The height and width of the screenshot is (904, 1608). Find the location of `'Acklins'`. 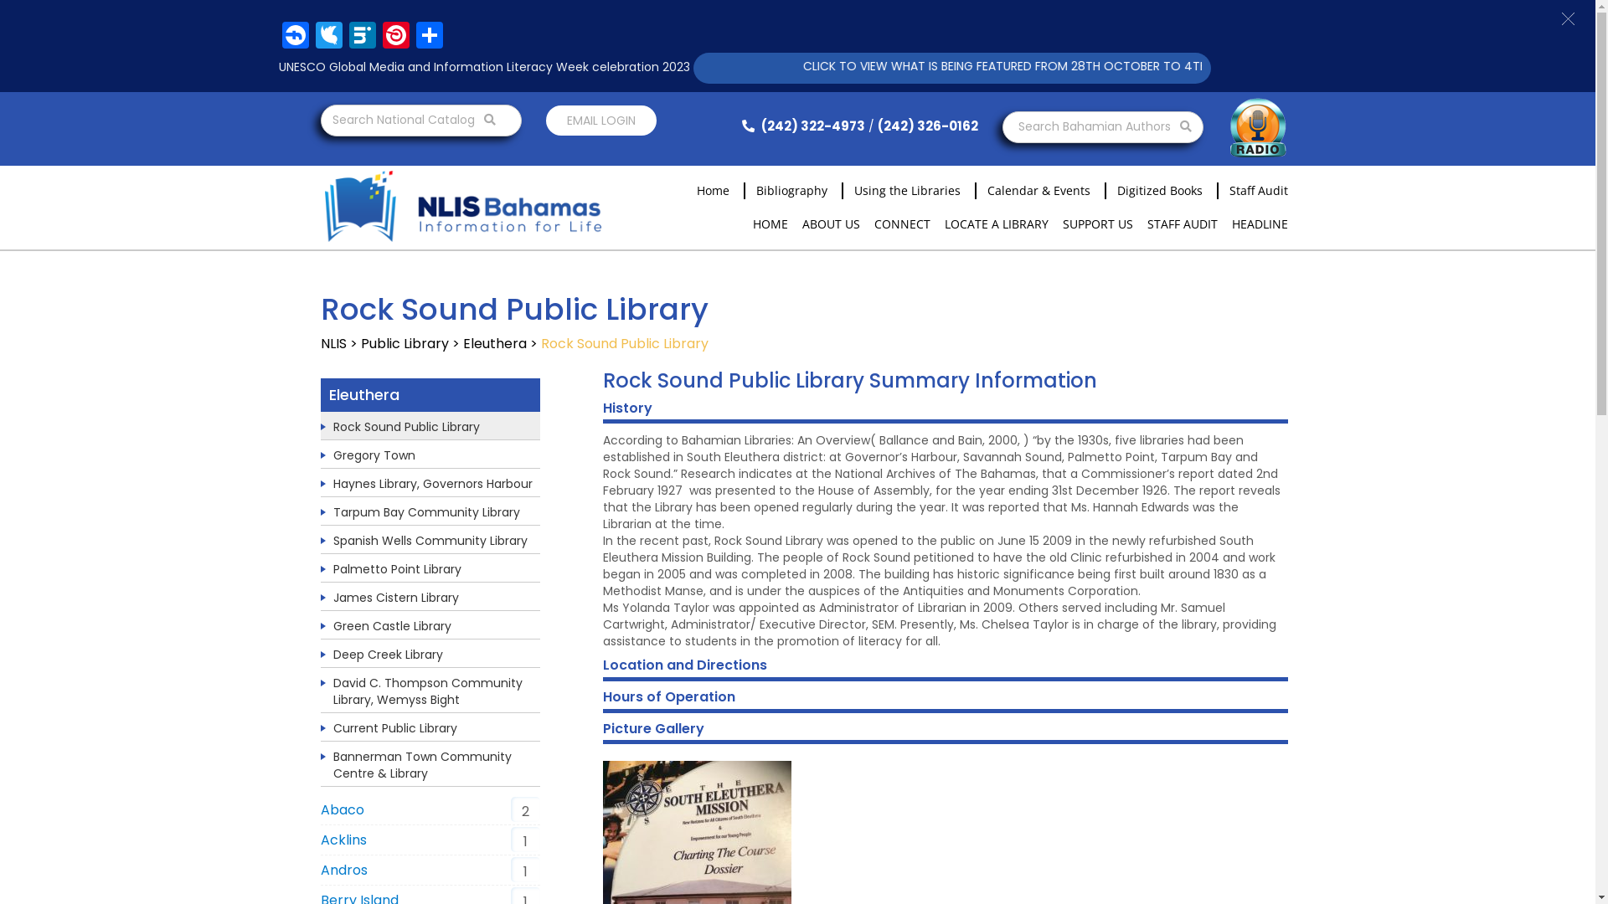

'Acklins' is located at coordinates (342, 840).